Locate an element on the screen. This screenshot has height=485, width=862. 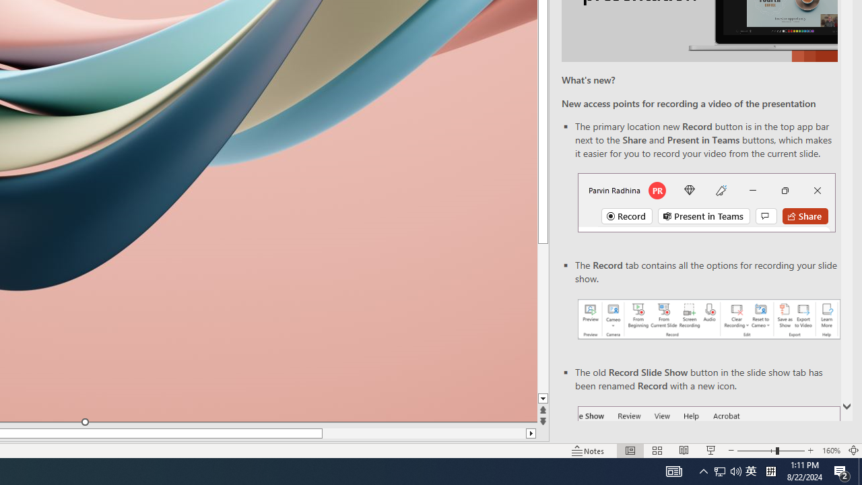
'Slide Sorter' is located at coordinates (657, 451).